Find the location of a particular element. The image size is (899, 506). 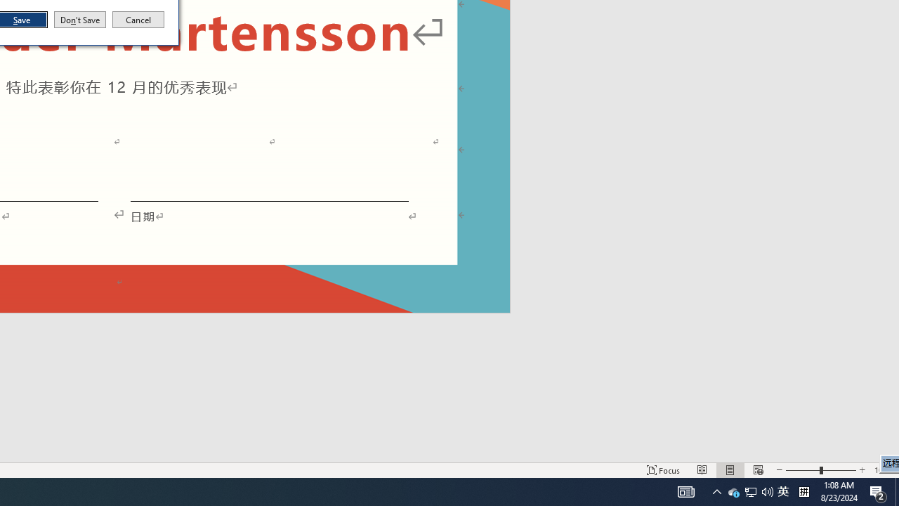

'Tray Input Indicator - Chinese (Simplified, China)' is located at coordinates (803, 491).